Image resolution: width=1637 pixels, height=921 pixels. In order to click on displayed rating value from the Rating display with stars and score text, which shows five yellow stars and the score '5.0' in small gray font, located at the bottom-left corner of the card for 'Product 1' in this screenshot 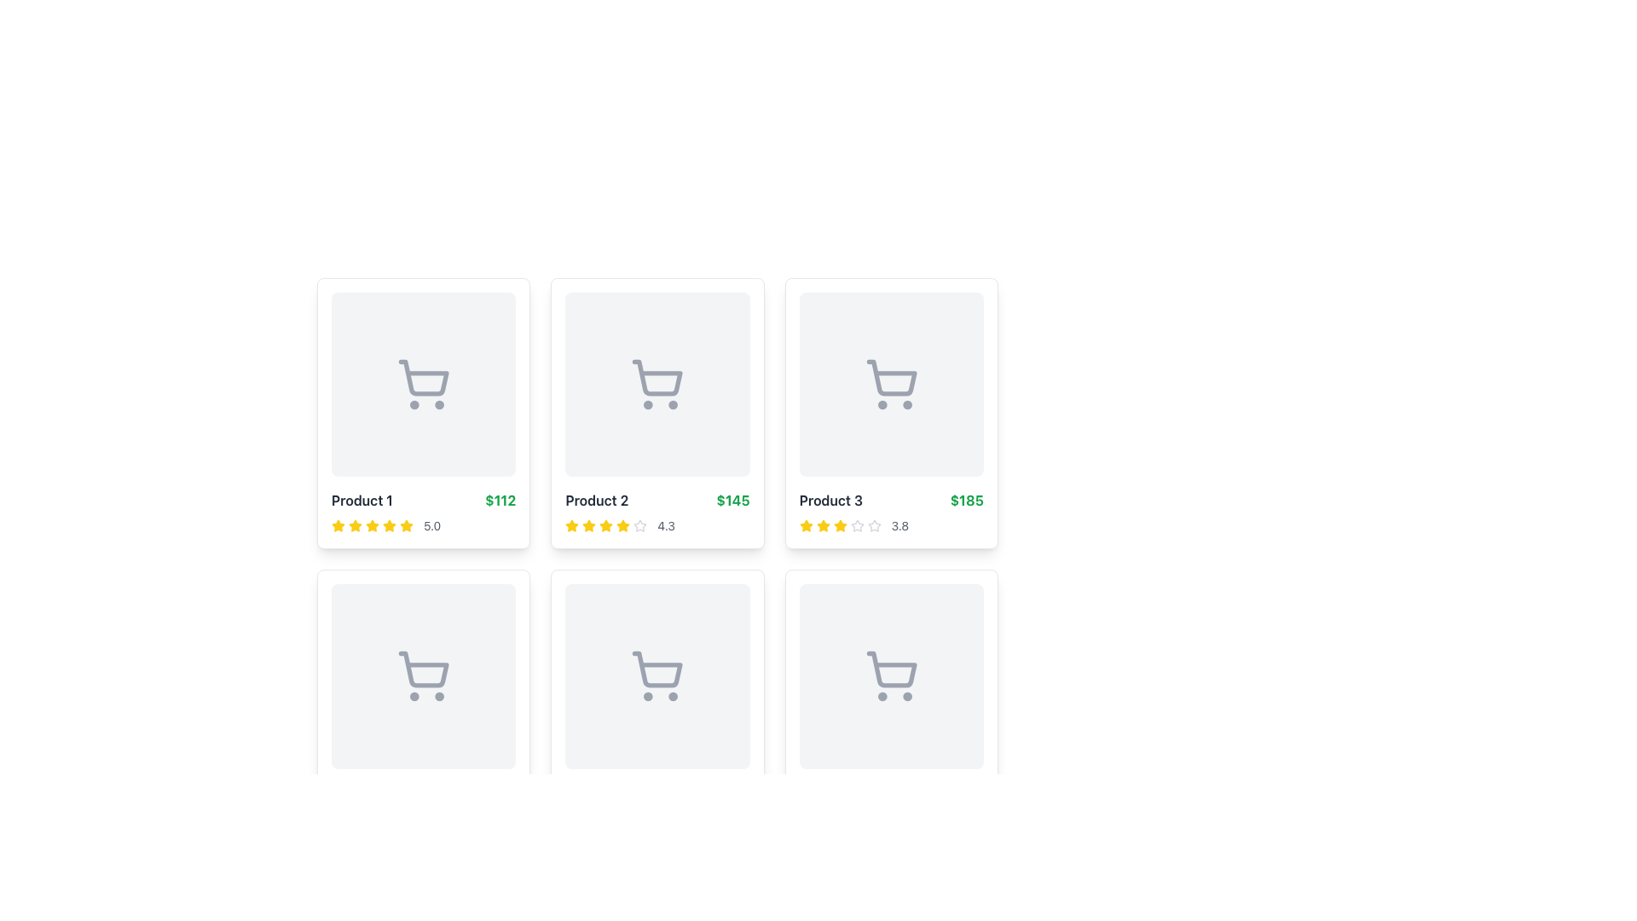, I will do `click(424, 525)`.